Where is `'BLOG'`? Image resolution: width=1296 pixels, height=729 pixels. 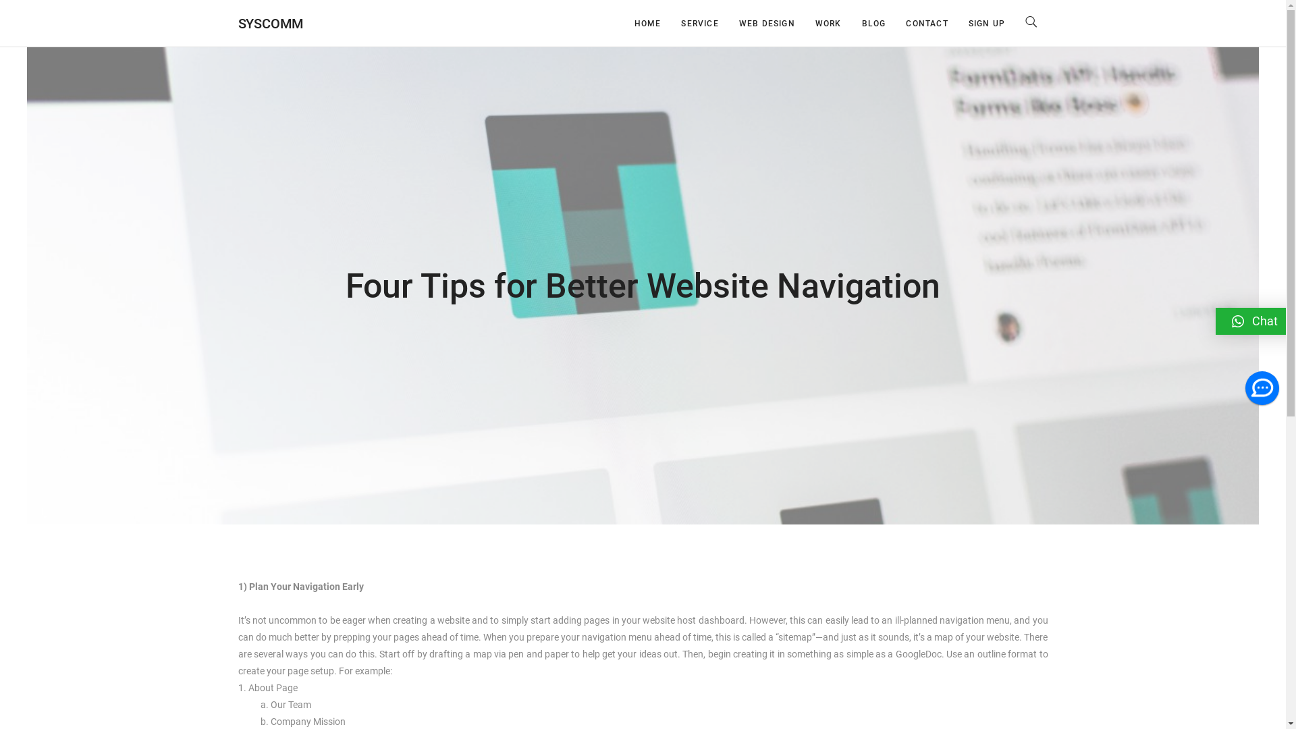
'BLOG' is located at coordinates (874, 23).